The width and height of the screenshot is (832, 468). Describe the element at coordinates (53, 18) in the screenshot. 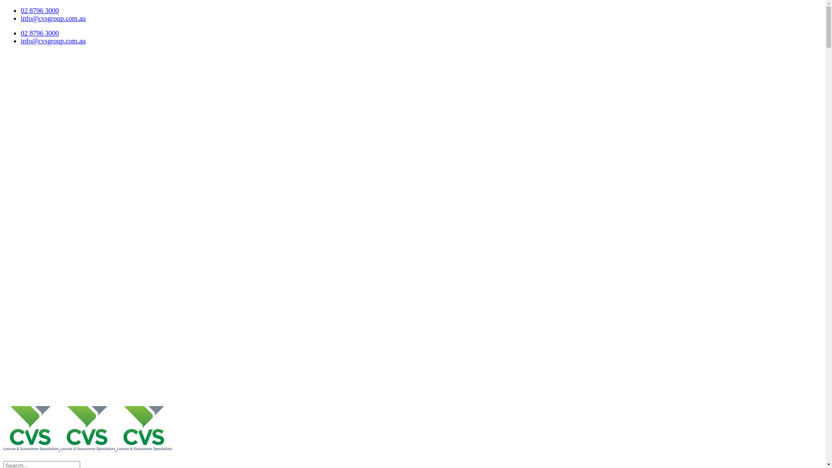

I see `'info@cvsgroup.com.au'` at that location.